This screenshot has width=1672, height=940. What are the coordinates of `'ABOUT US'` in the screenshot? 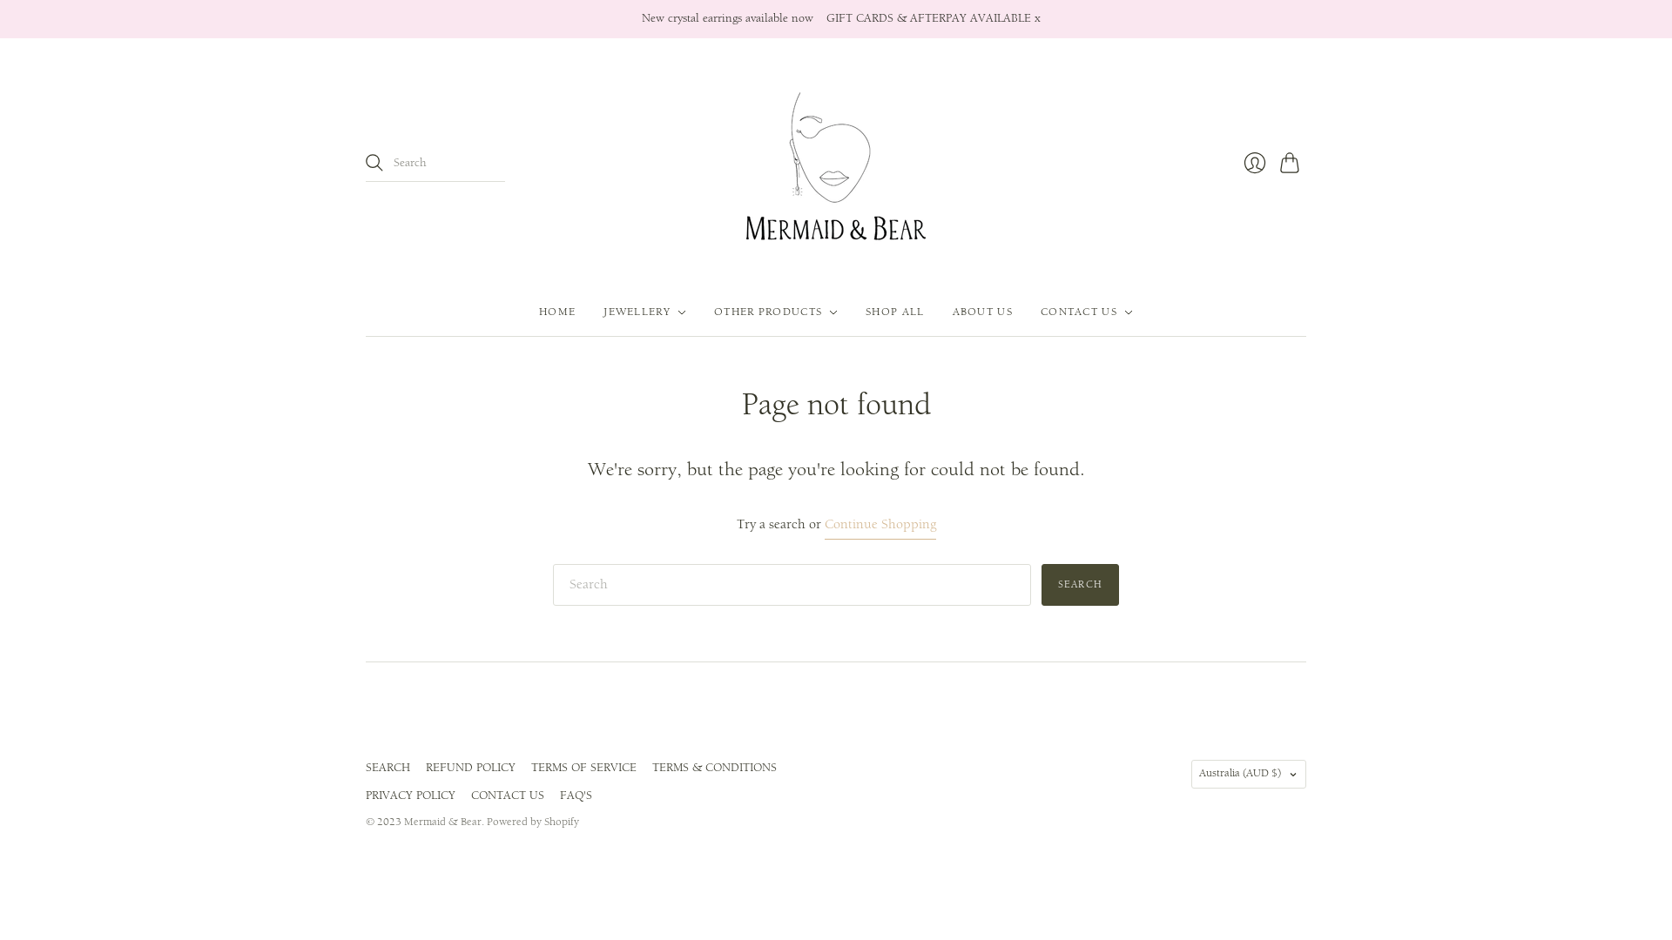 It's located at (982, 311).